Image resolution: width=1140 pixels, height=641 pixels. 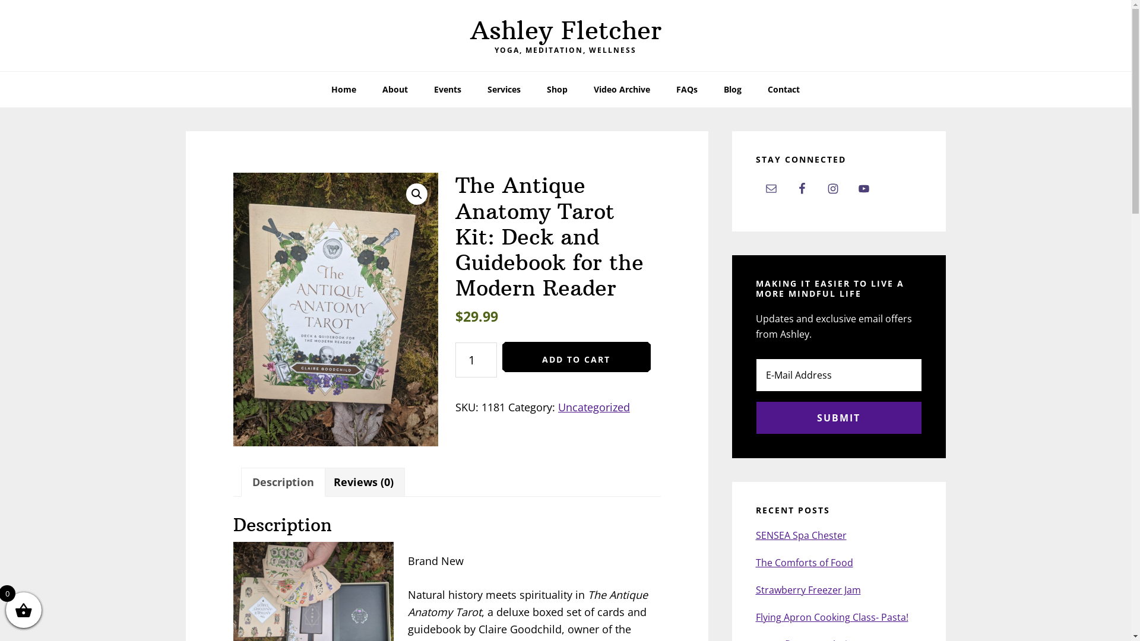 What do you see at coordinates (663, 88) in the screenshot?
I see `'FAQs'` at bounding box center [663, 88].